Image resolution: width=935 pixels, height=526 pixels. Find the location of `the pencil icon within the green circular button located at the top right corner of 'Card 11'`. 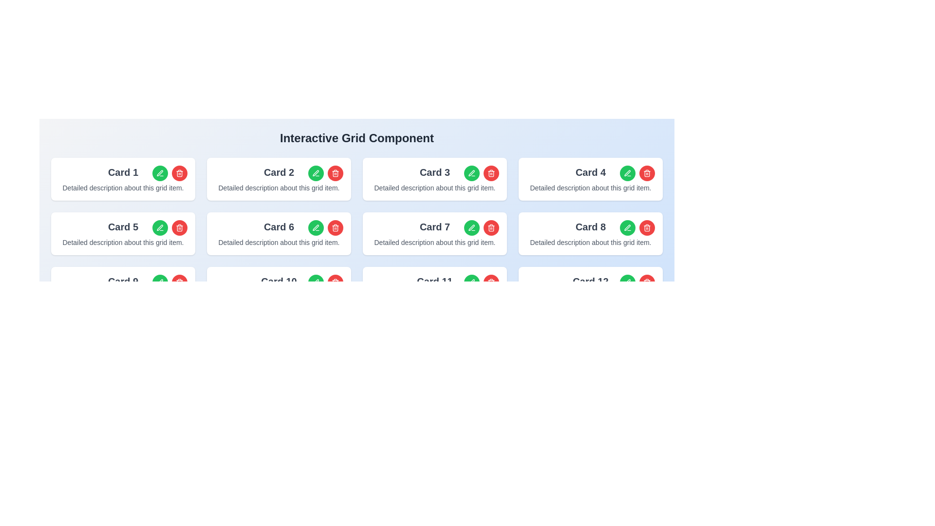

the pencil icon within the green circular button located at the top right corner of 'Card 11' is located at coordinates (472, 282).